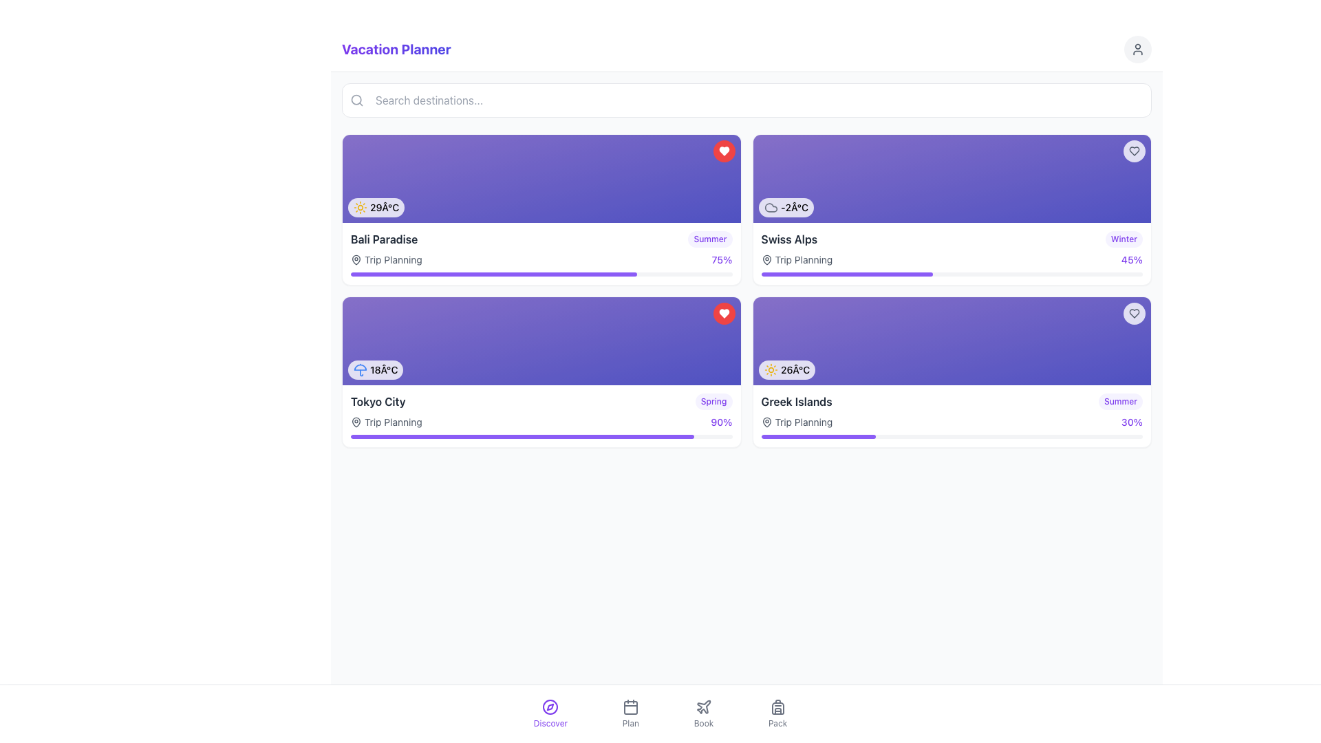 The width and height of the screenshot is (1321, 743). I want to click on the 'Trip Planning' text label with a map-pin icon located under the 'Greek Islands' card in the bottom-right quadrant of the destination cards layout, so click(797, 421).